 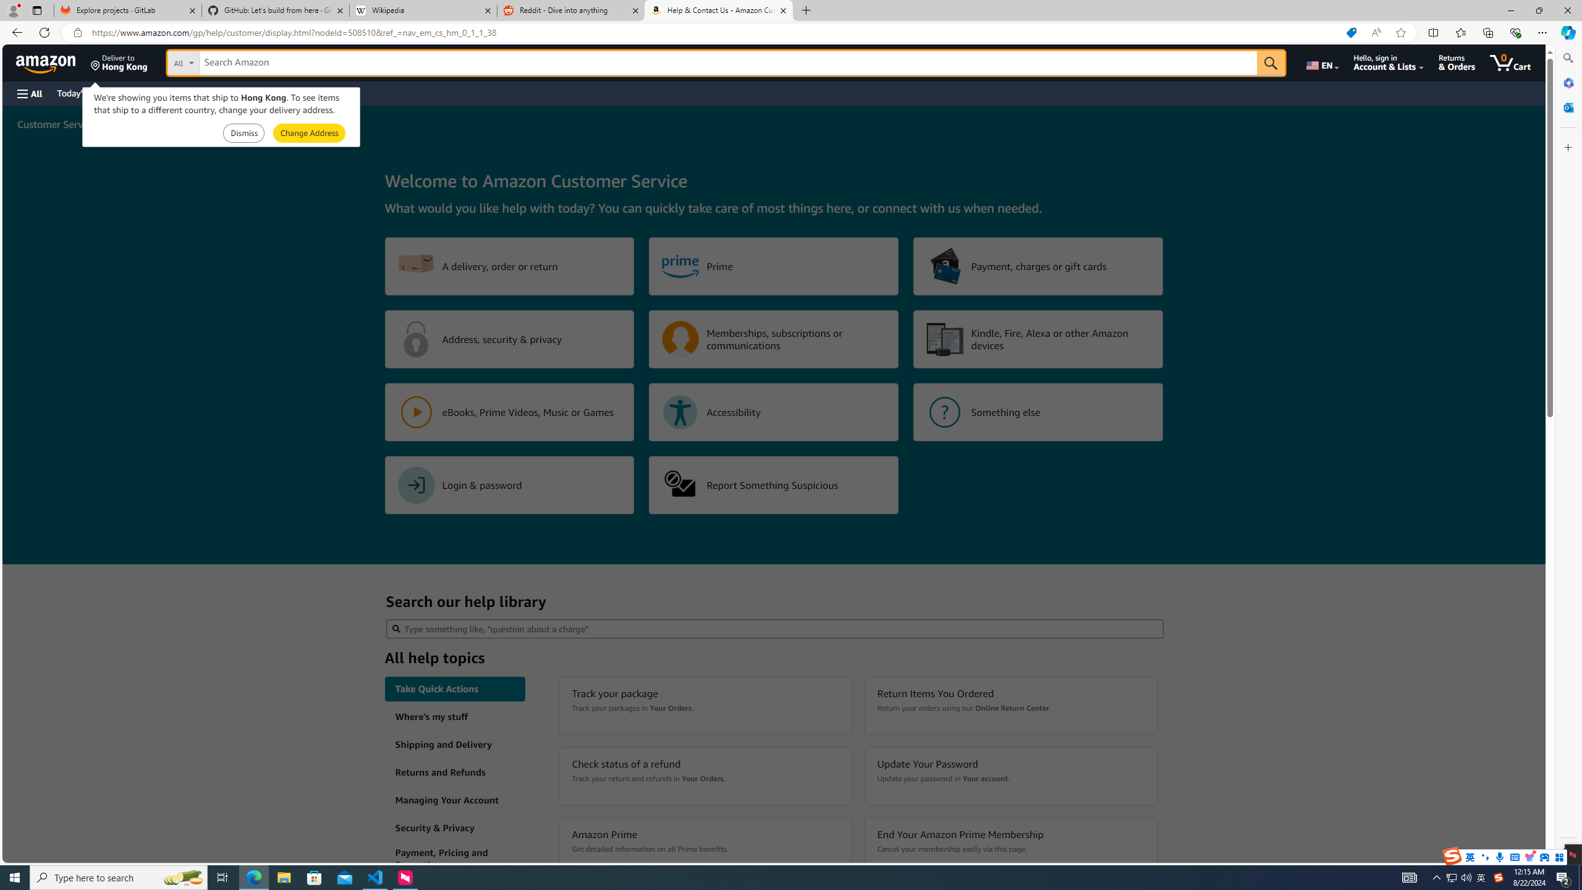 What do you see at coordinates (1388, 62) in the screenshot?
I see `'Hello, sign in Account & Lists'` at bounding box center [1388, 62].